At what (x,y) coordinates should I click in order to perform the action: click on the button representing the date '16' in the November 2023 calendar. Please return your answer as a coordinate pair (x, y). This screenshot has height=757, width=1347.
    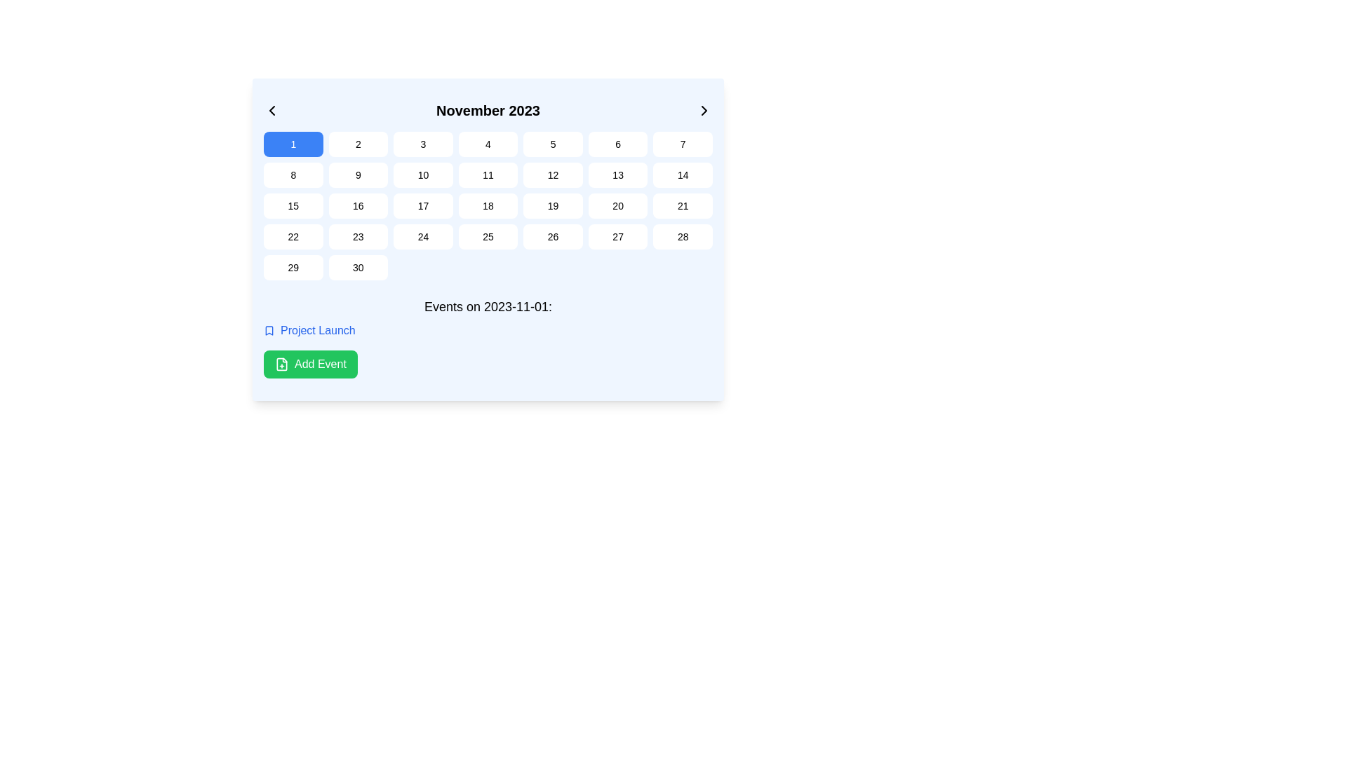
    Looking at the image, I should click on (358, 205).